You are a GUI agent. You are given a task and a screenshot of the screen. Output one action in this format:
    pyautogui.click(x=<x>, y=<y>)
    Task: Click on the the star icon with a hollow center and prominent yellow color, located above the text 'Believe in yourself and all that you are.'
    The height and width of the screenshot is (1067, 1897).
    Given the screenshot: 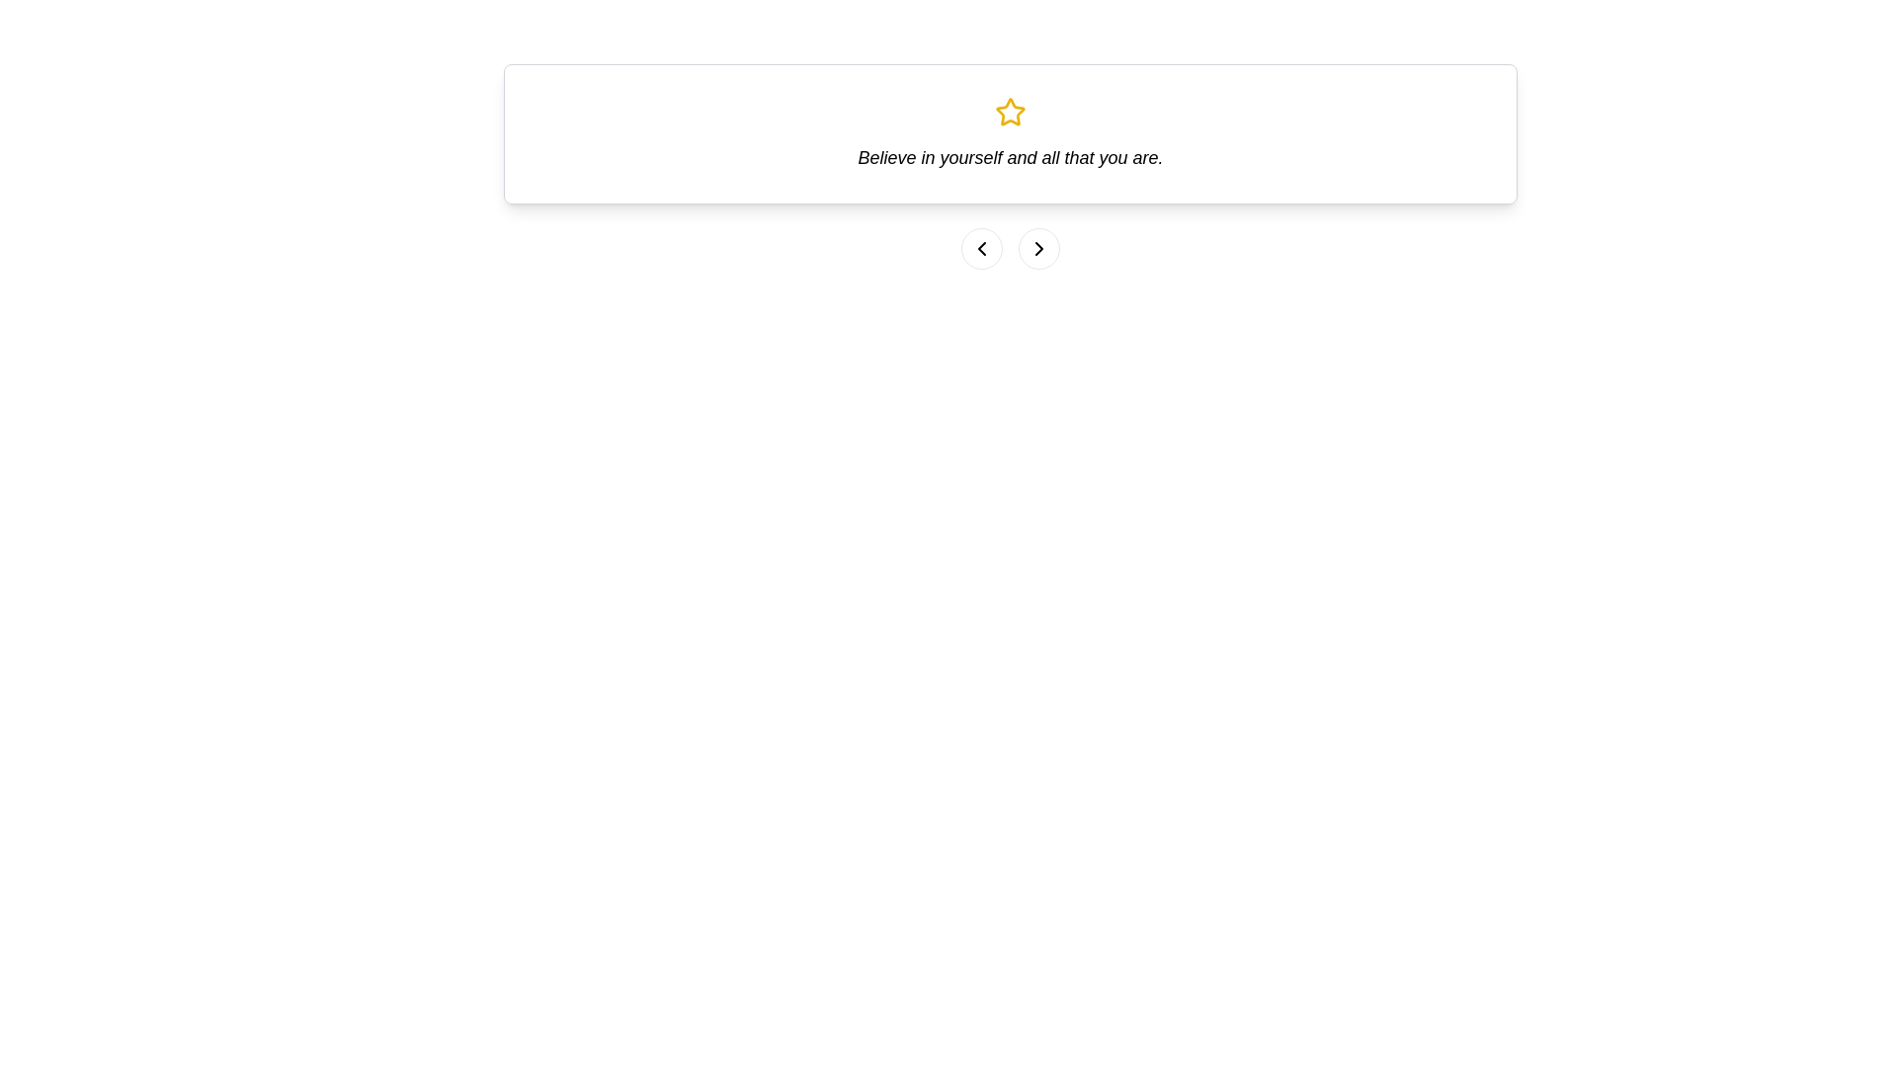 What is the action you would take?
    pyautogui.click(x=1010, y=112)
    